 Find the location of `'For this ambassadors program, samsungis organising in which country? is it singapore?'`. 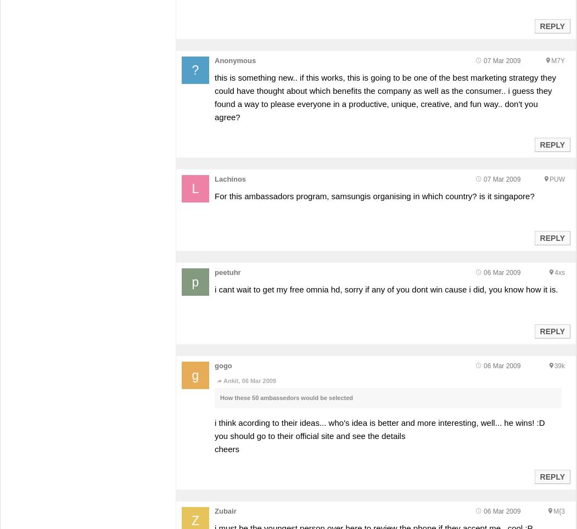

'For this ambassadors program, samsungis organising in which country? is it singapore?' is located at coordinates (214, 195).